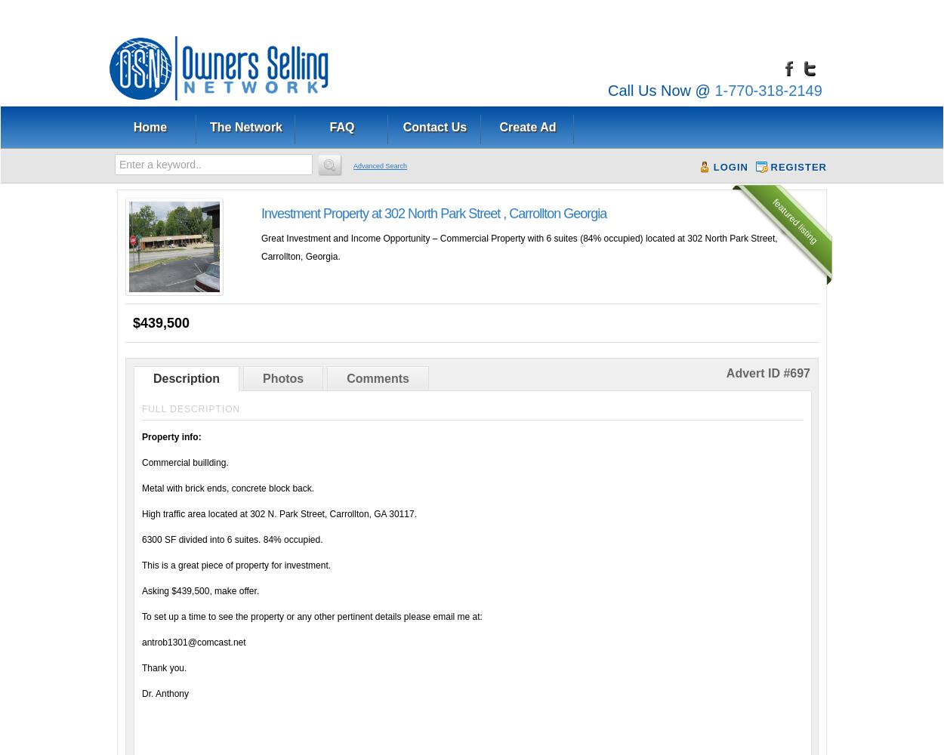 The height and width of the screenshot is (755, 944). I want to click on 'Full Description', so click(191, 409).